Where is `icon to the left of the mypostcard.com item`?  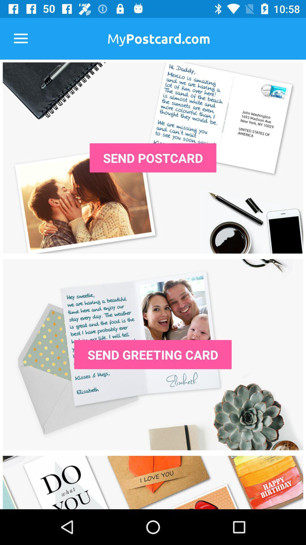
icon to the left of the mypostcard.com item is located at coordinates (20, 38).